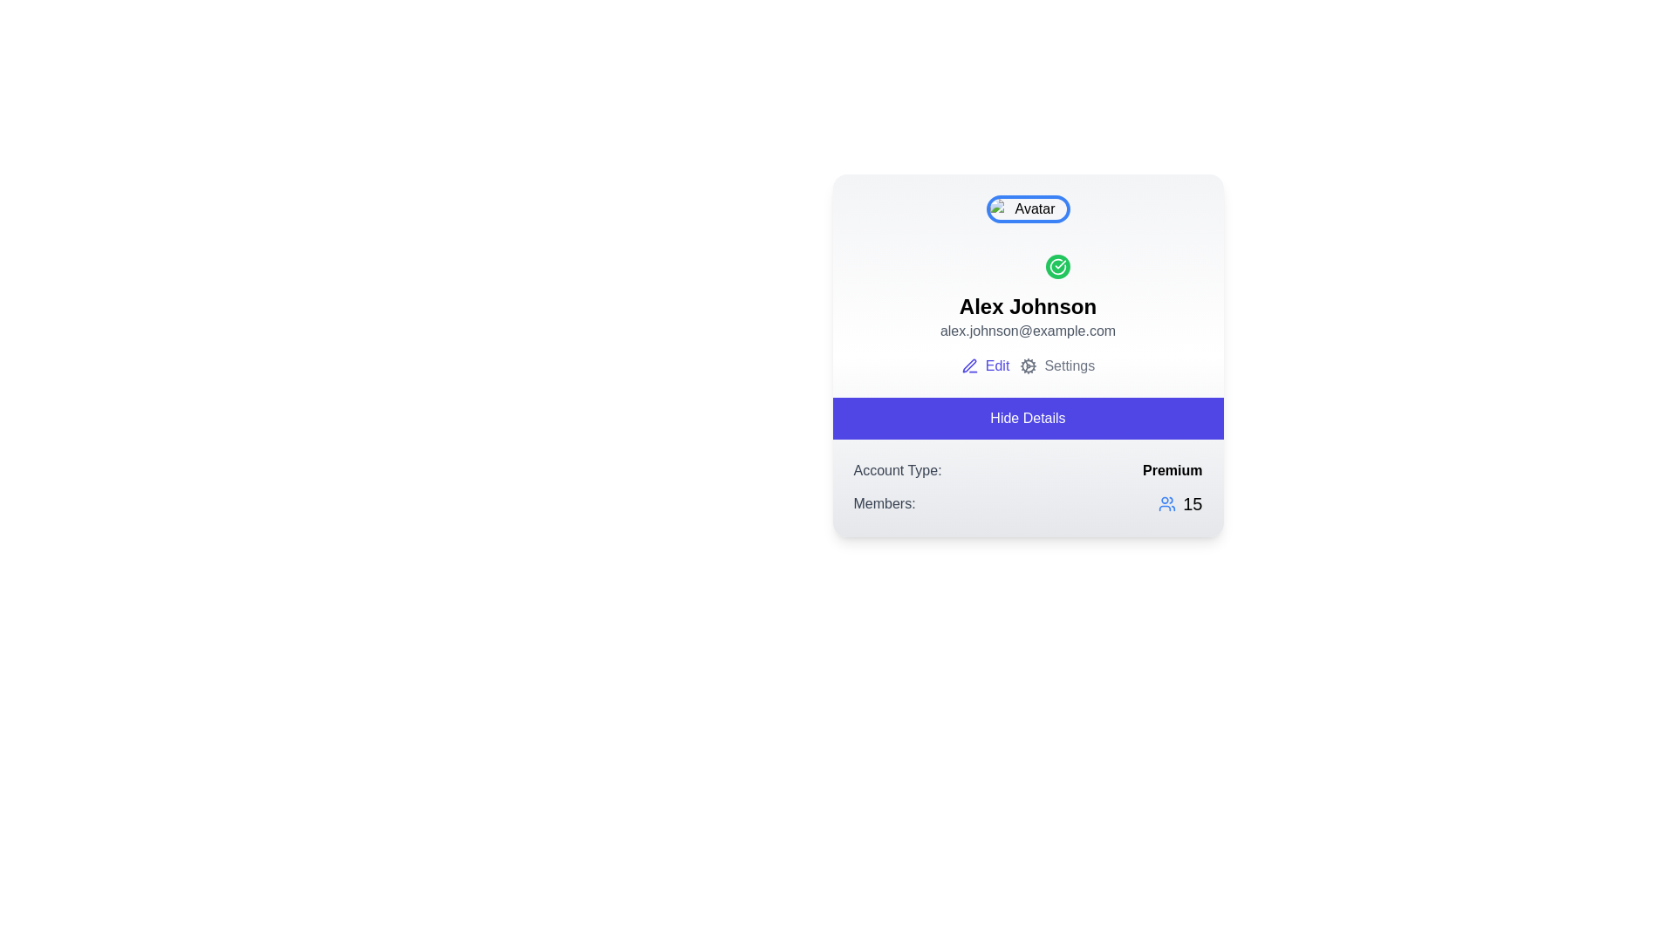 The width and height of the screenshot is (1675, 942). I want to click on the profile avatar placeholder with badge located above the name 'Alex Johnson', so click(1028, 237).